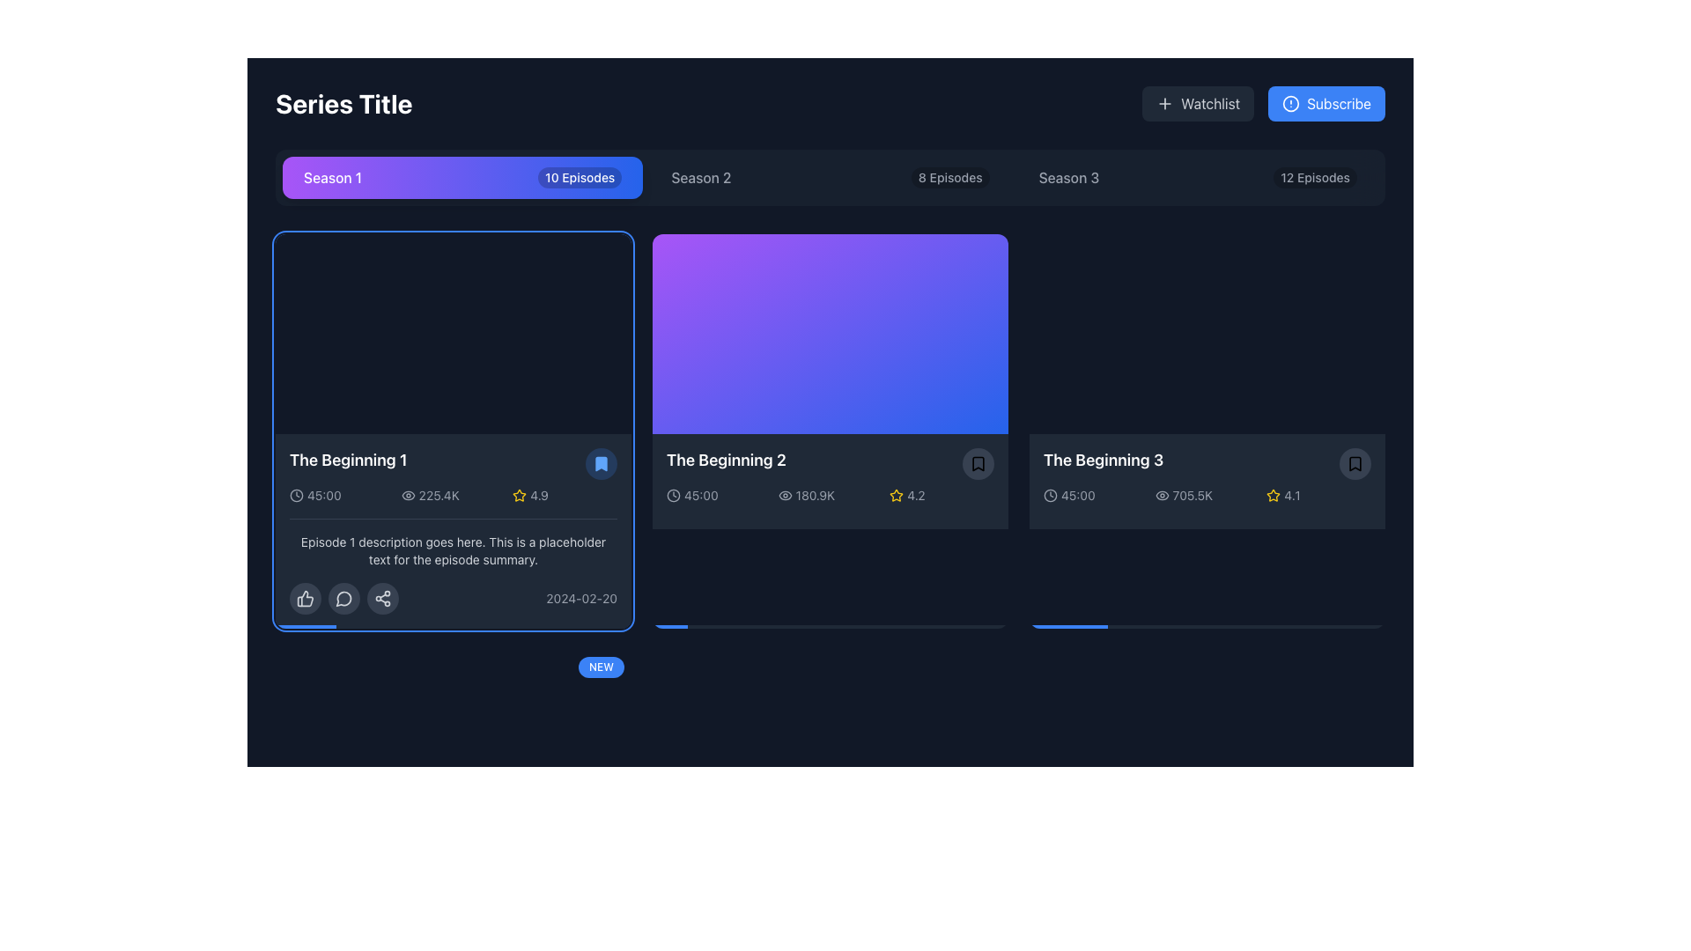  I want to click on the share button located at the bottom-right section of the card displaying 'The Beginning 1', so click(382, 597).